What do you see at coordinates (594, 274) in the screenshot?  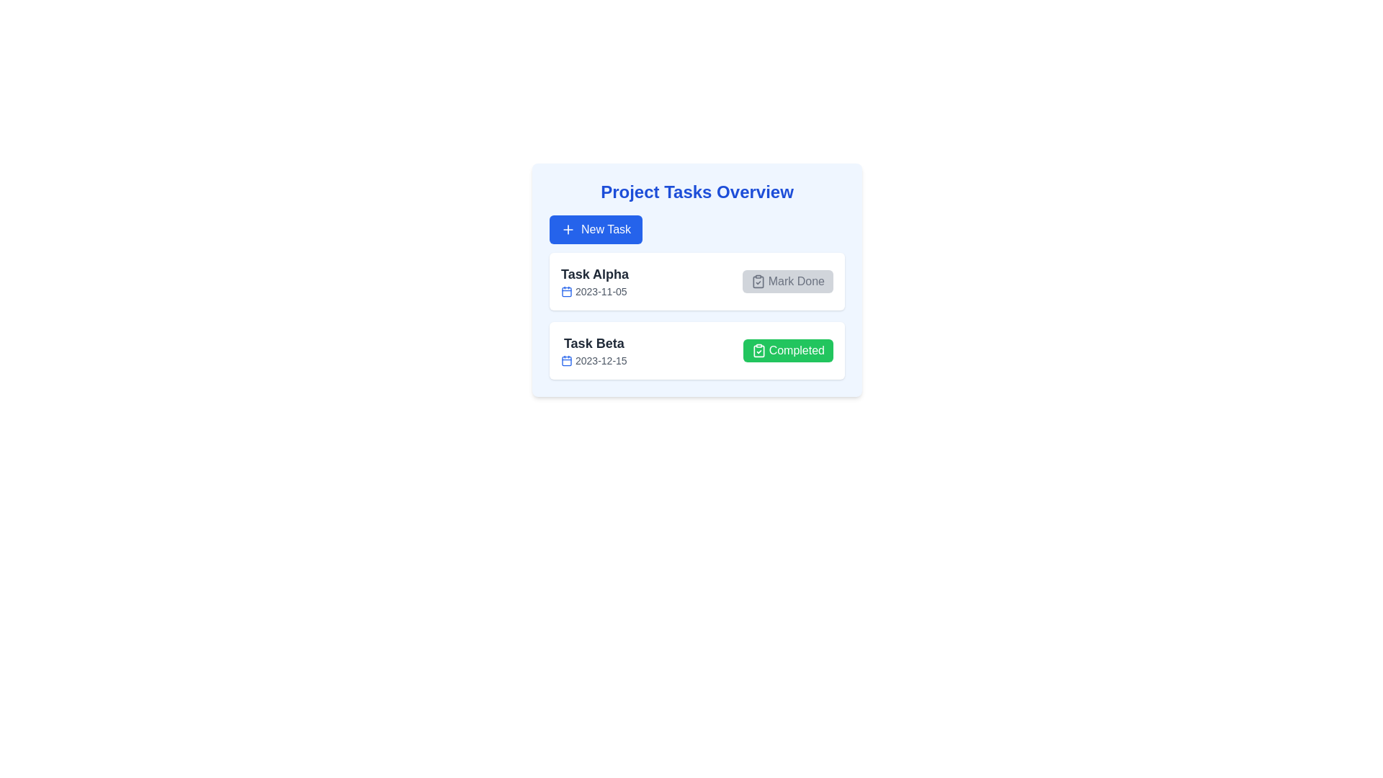 I see `text label that serves as the title or identifier for a task item in the project overview interface, positioned above the date '2023-11-05' and next to a calendar icon` at bounding box center [594, 274].